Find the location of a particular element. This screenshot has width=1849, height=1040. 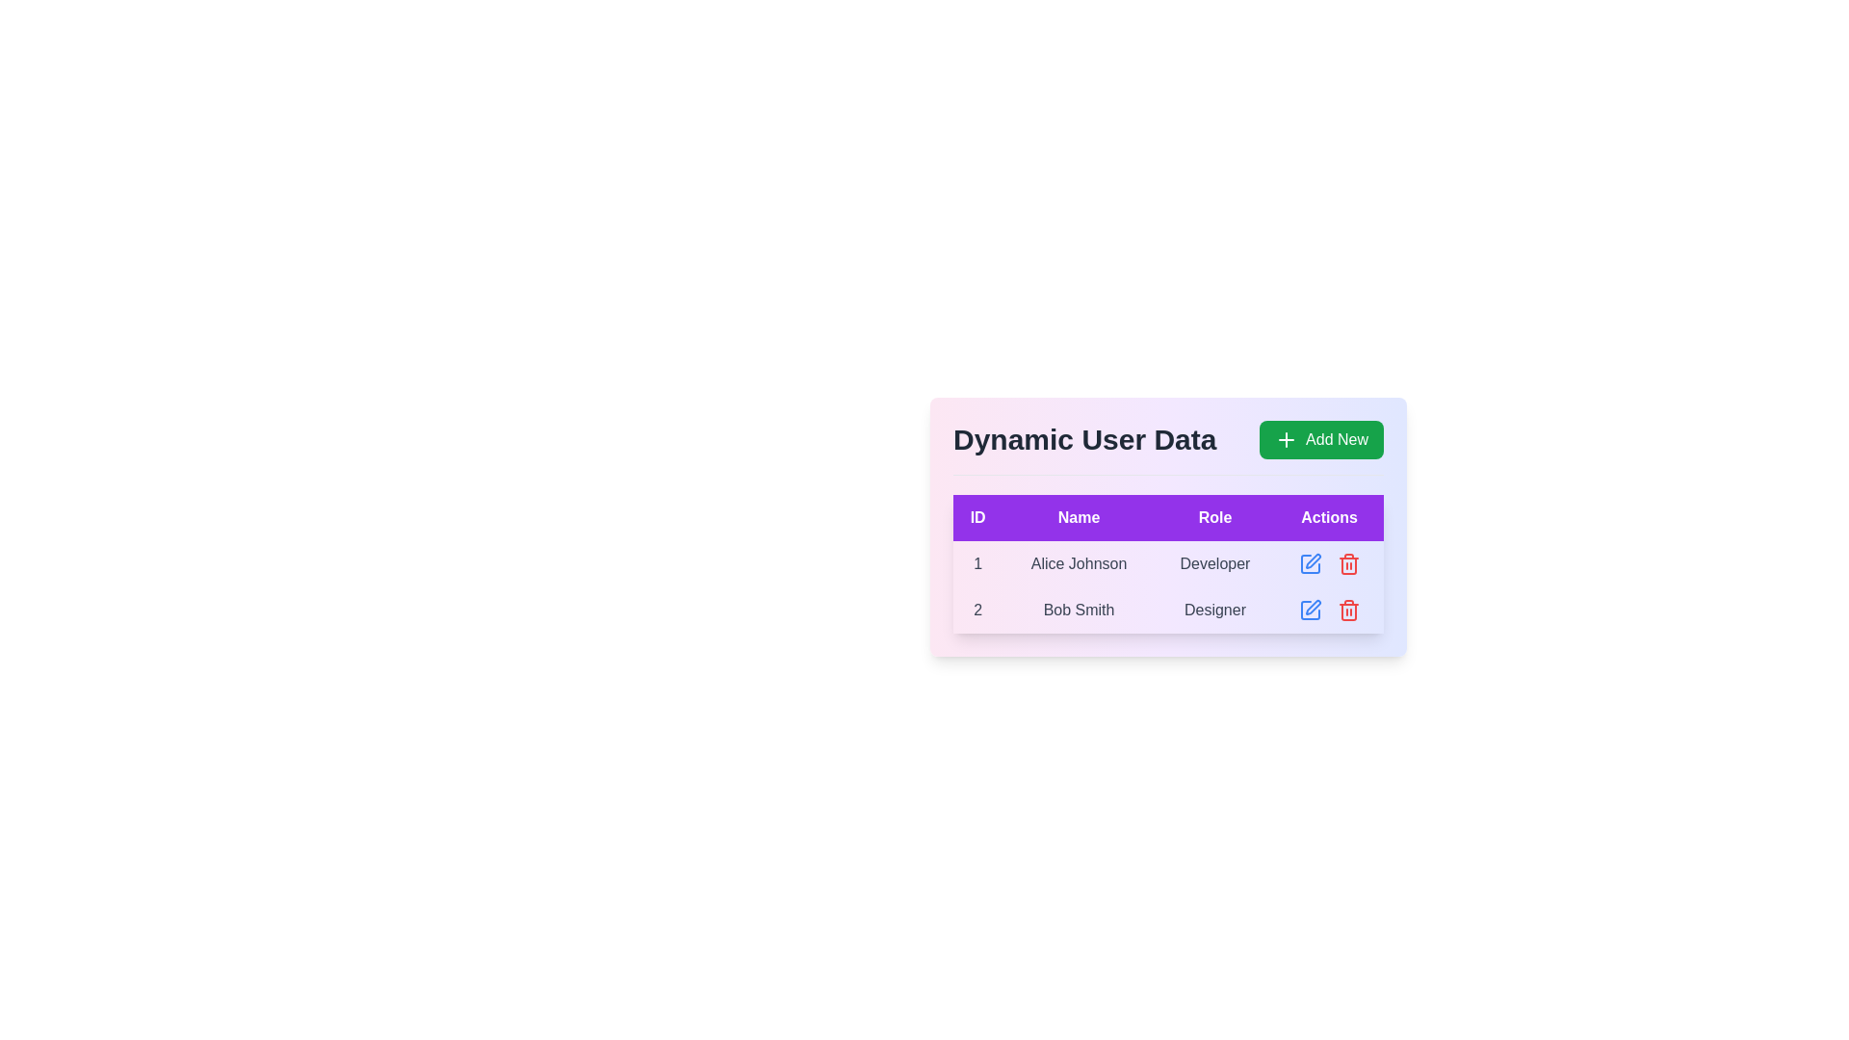

the text element displaying 'Dynamic User Data', which is styled prominently as a header in dark gray color and located to the left of the green 'Add New' button is located at coordinates (1084, 439).